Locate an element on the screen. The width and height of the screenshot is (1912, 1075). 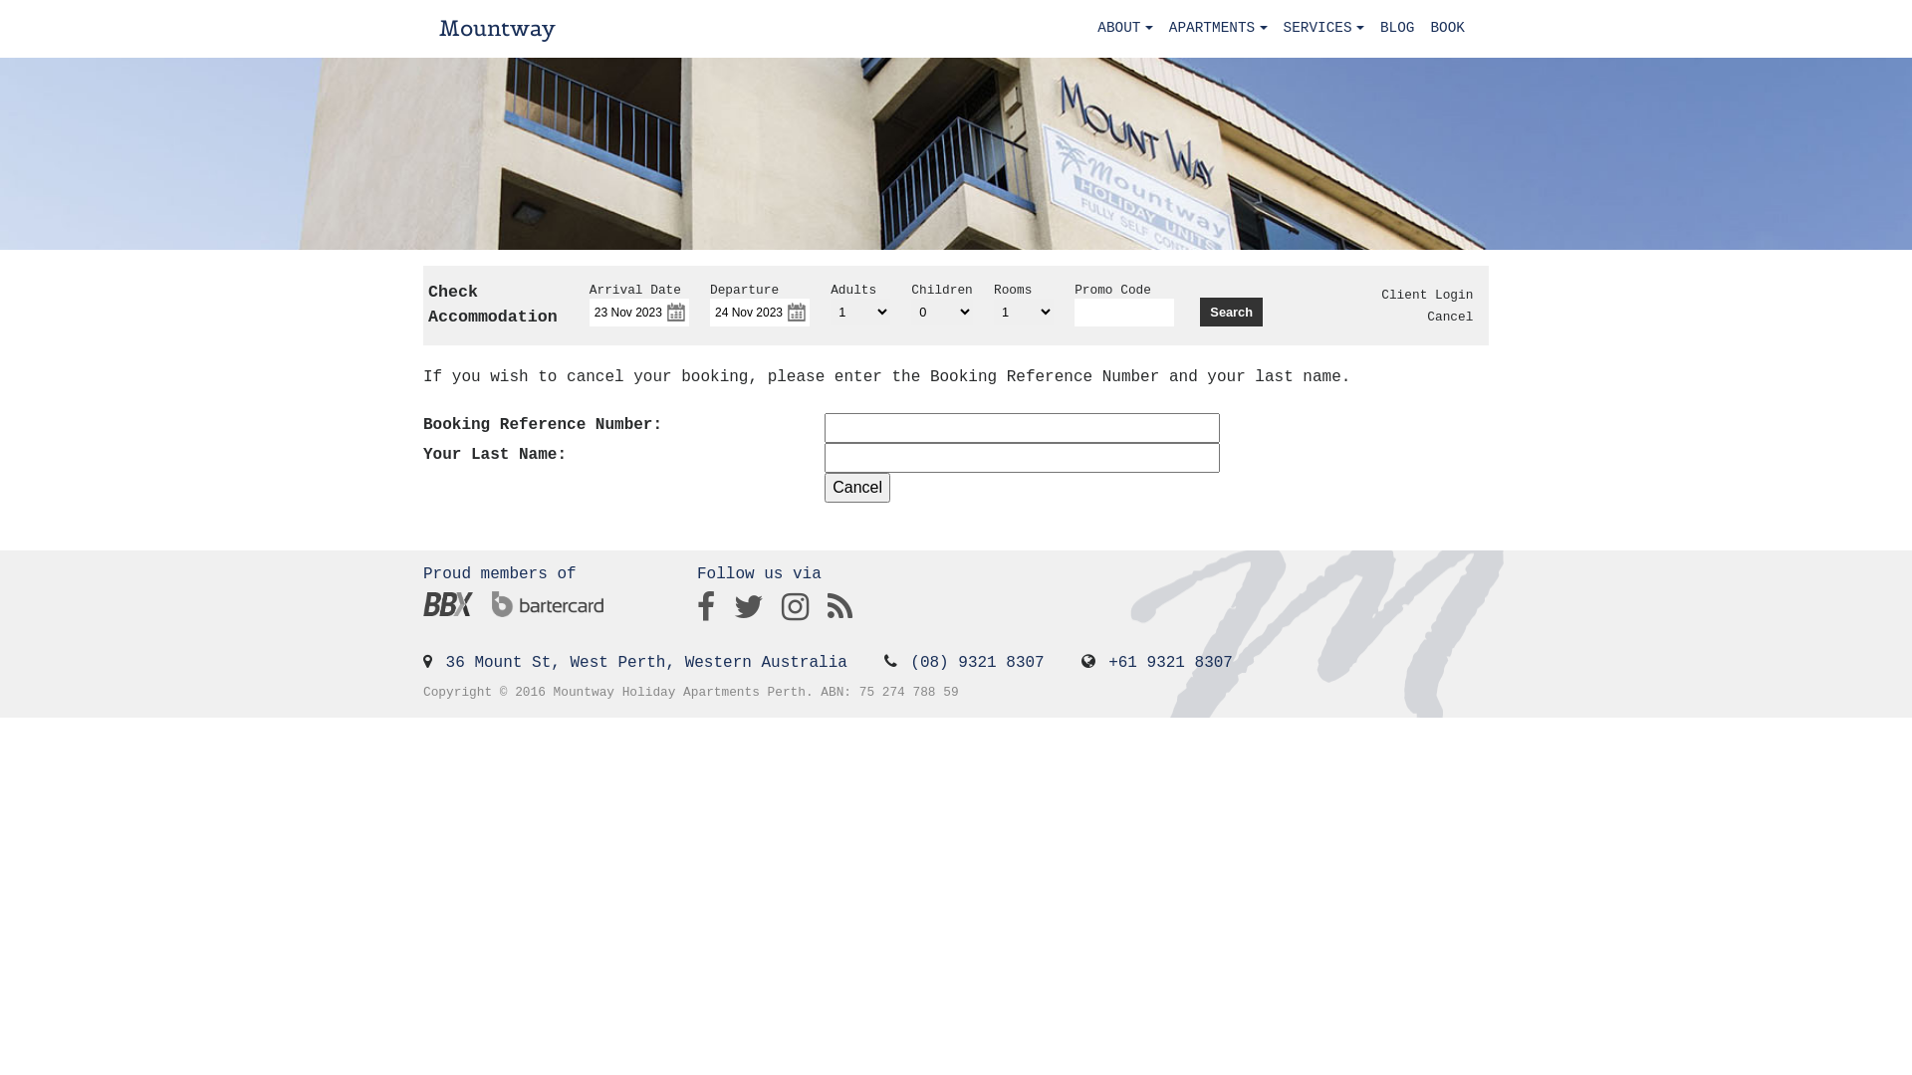
'BLOG' is located at coordinates (1396, 29).